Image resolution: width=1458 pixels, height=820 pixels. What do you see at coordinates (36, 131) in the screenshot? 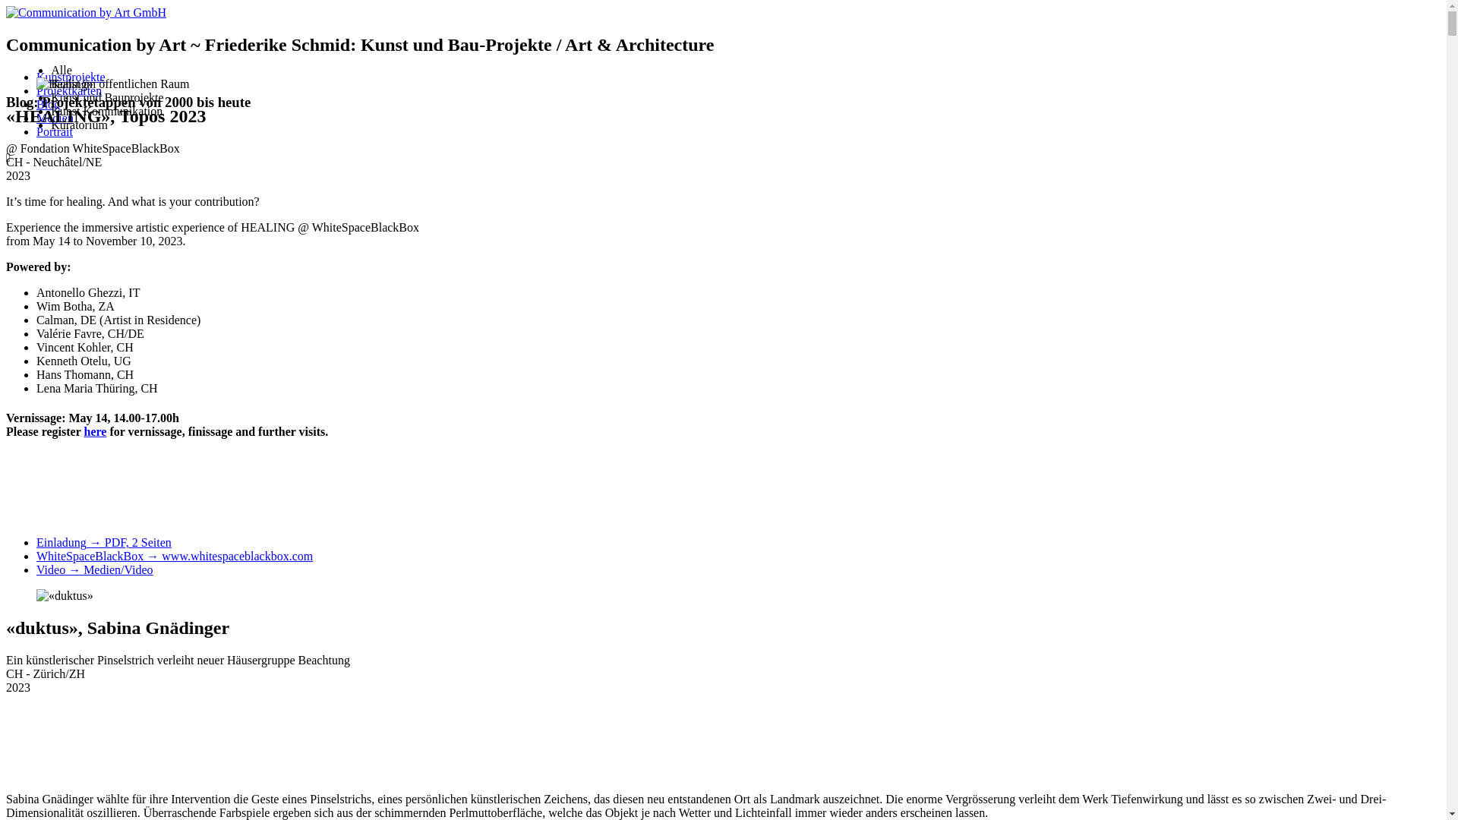
I see `'Portrait'` at bounding box center [36, 131].